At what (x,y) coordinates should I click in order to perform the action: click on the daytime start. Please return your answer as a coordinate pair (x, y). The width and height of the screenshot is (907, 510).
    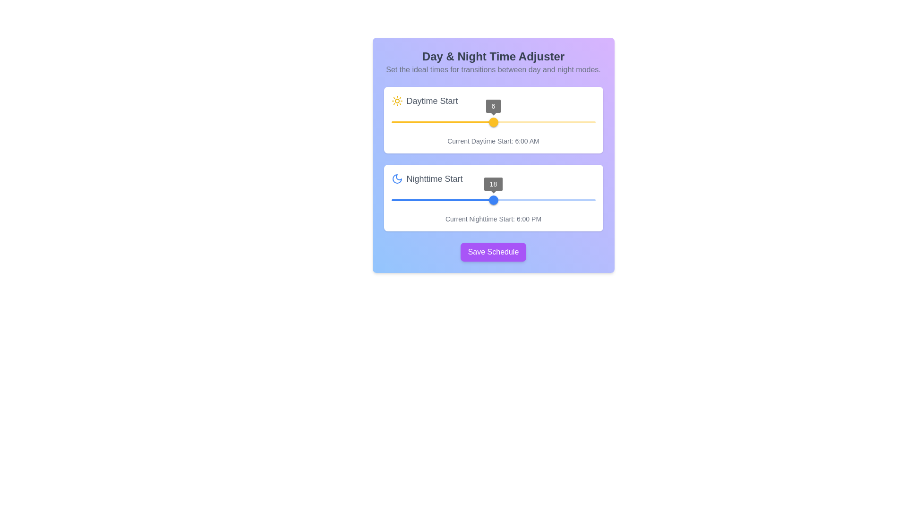
    Looking at the image, I should click on (527, 121).